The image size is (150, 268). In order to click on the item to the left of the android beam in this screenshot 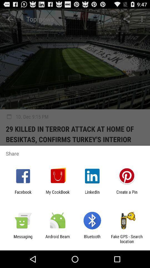, I will do `click(23, 239)`.